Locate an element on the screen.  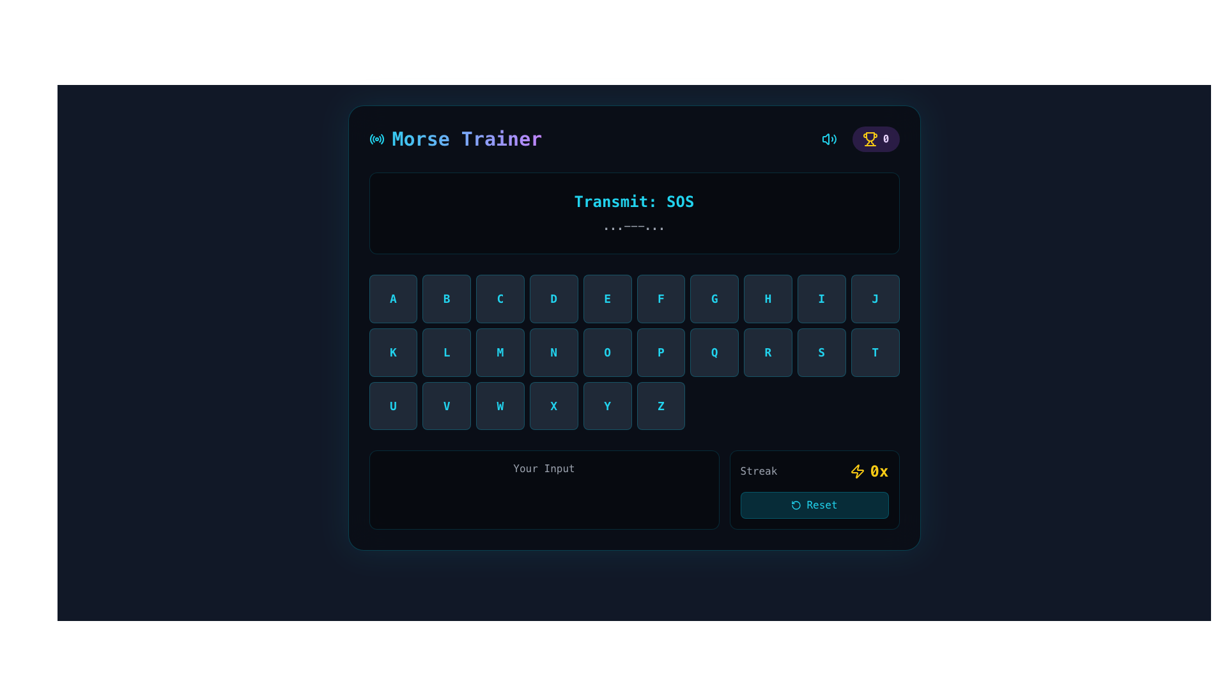
the first arc of the circular radio icon in the SVG, which is positioned adjacent to the 'Morse Trainer' title is located at coordinates (370, 139).